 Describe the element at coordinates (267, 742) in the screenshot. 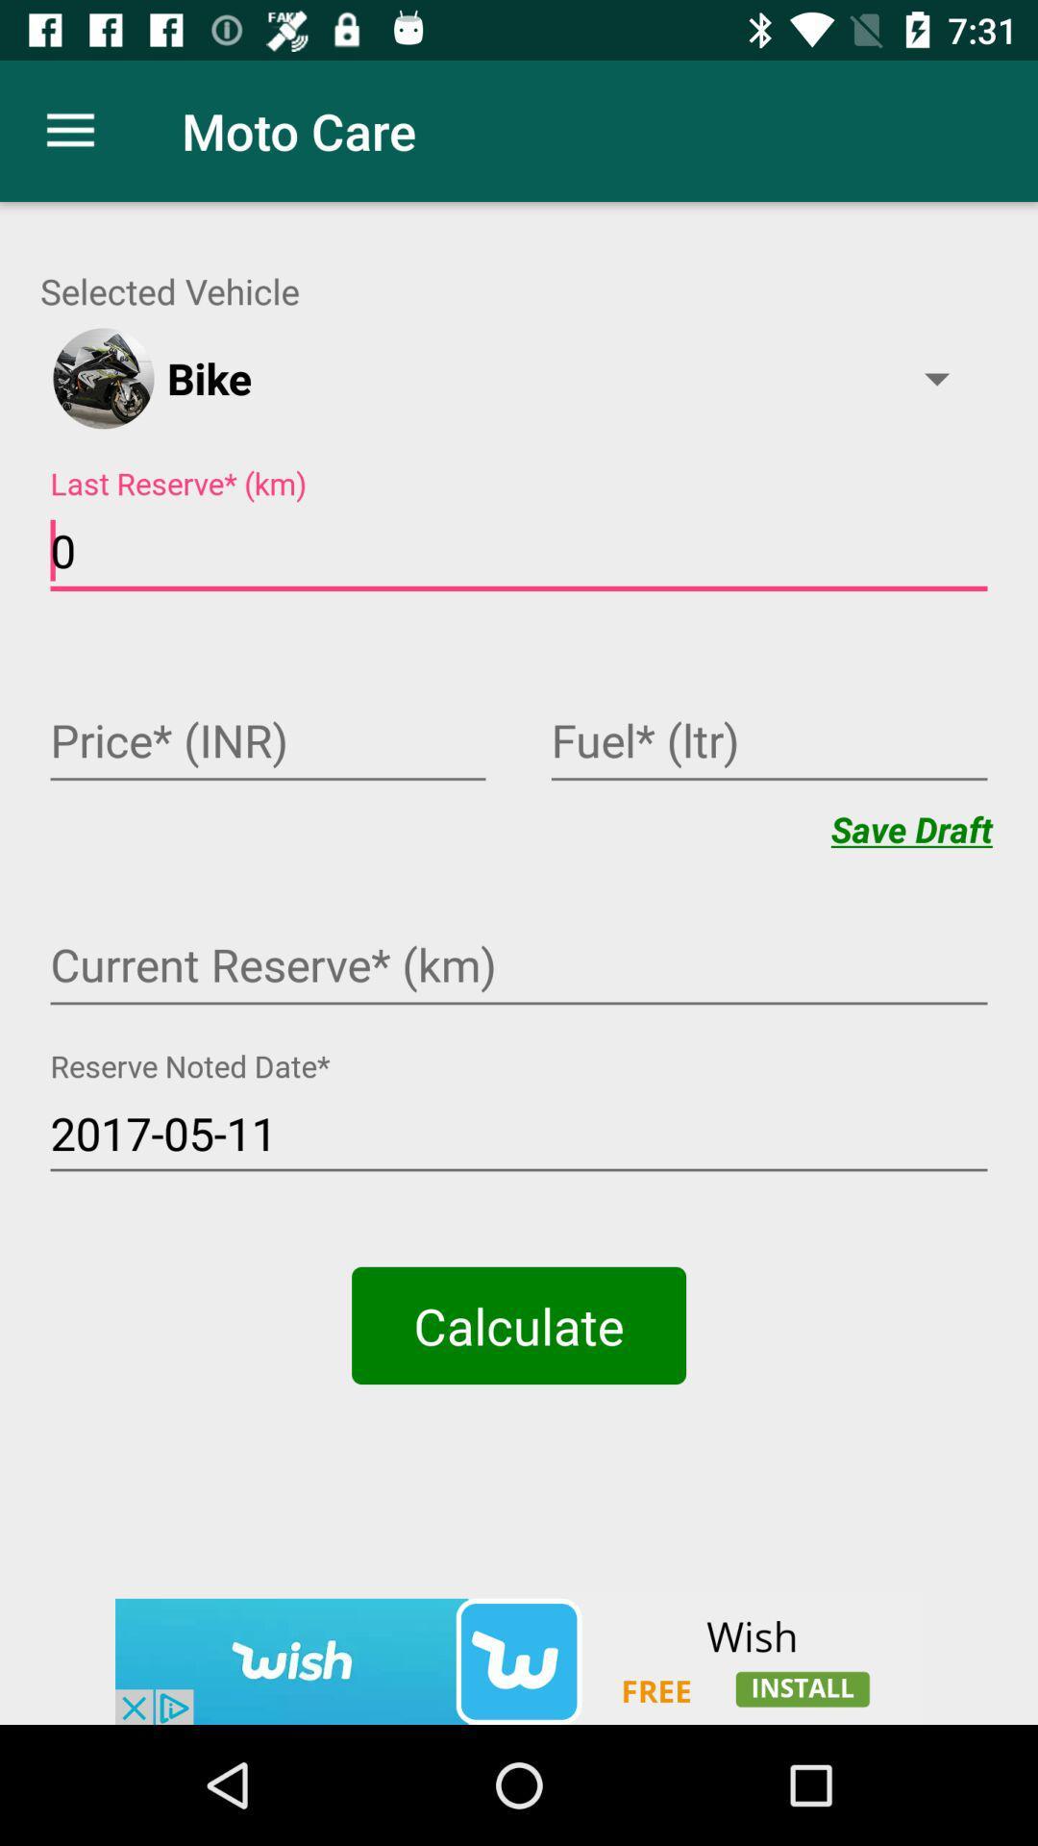

I see `price` at that location.